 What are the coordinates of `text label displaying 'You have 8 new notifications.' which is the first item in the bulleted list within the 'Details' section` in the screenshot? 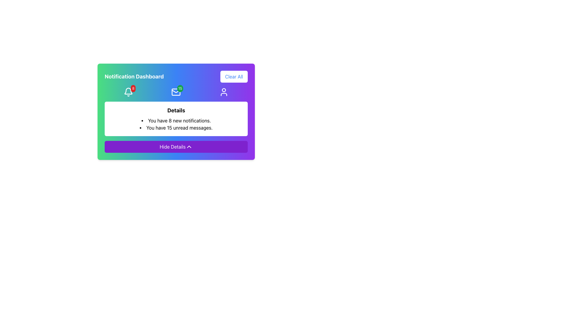 It's located at (176, 120).